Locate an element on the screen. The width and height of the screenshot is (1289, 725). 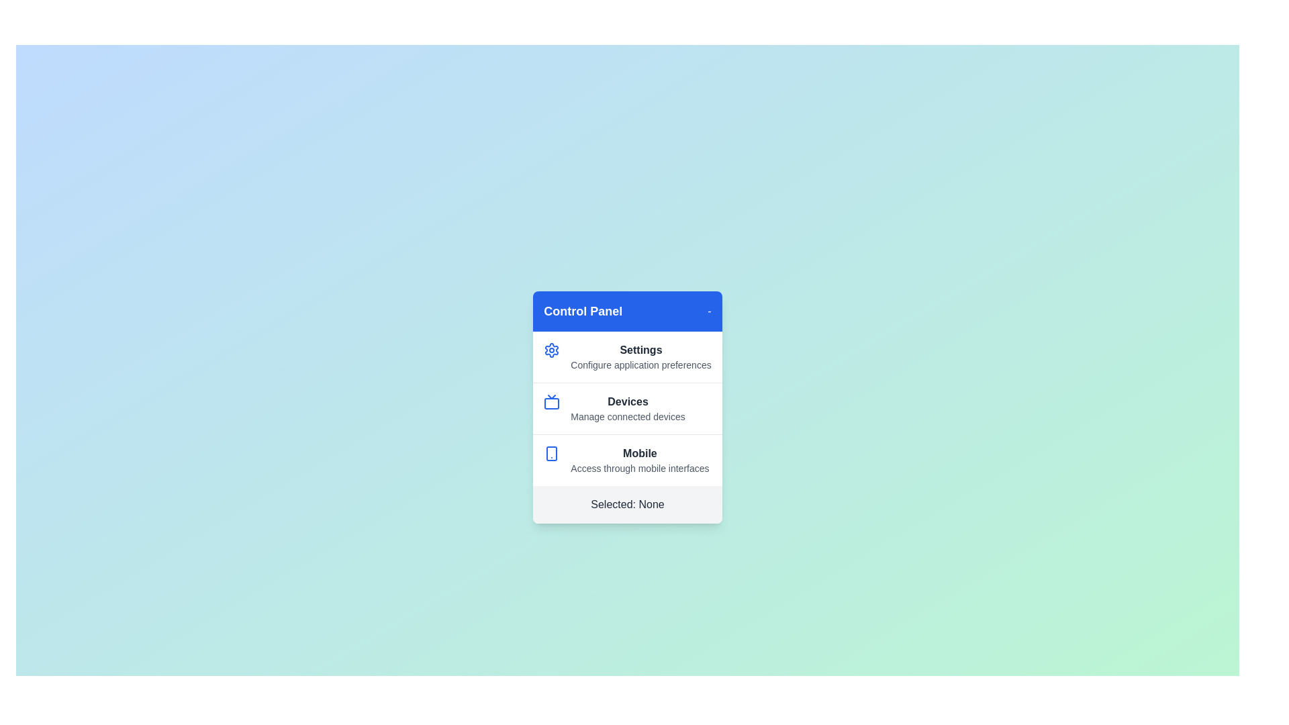
the menu item Devices by clicking on it is located at coordinates (627, 407).